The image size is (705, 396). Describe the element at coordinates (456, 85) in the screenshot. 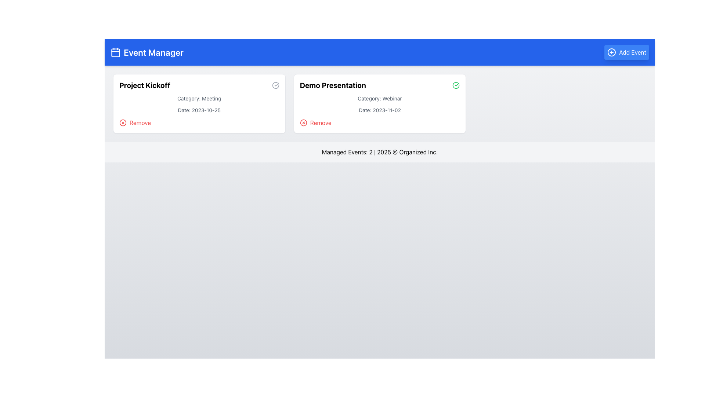

I see `the circular green checkmark icon located to the right of the 'Demo Presentation' title, which indicates confirmation or success` at that location.